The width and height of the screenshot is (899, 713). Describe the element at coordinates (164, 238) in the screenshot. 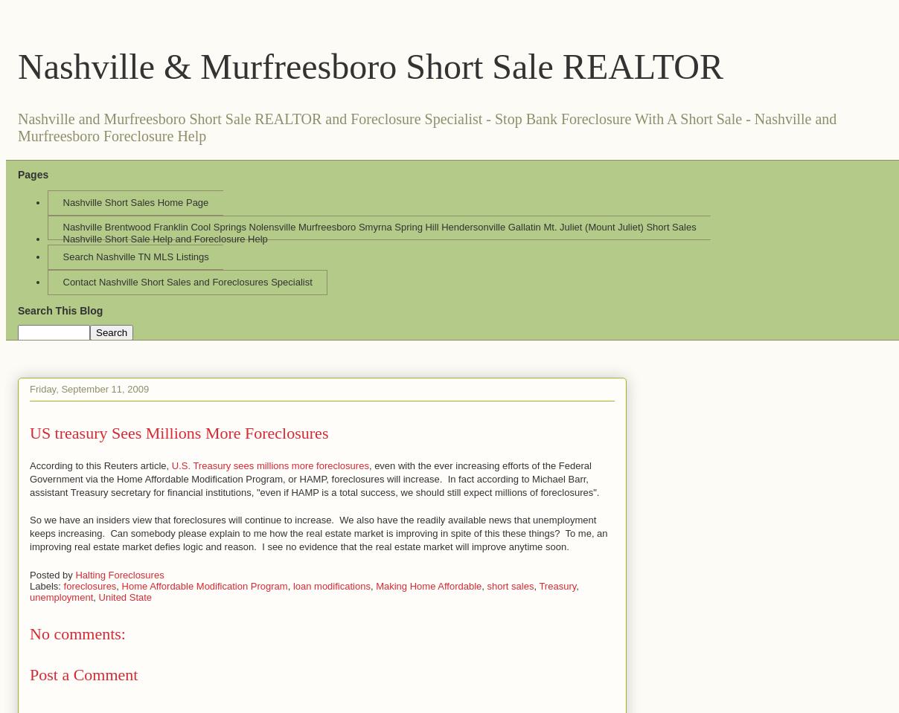

I see `'Nashville Short Sale Help and Foreclosure Help'` at that location.